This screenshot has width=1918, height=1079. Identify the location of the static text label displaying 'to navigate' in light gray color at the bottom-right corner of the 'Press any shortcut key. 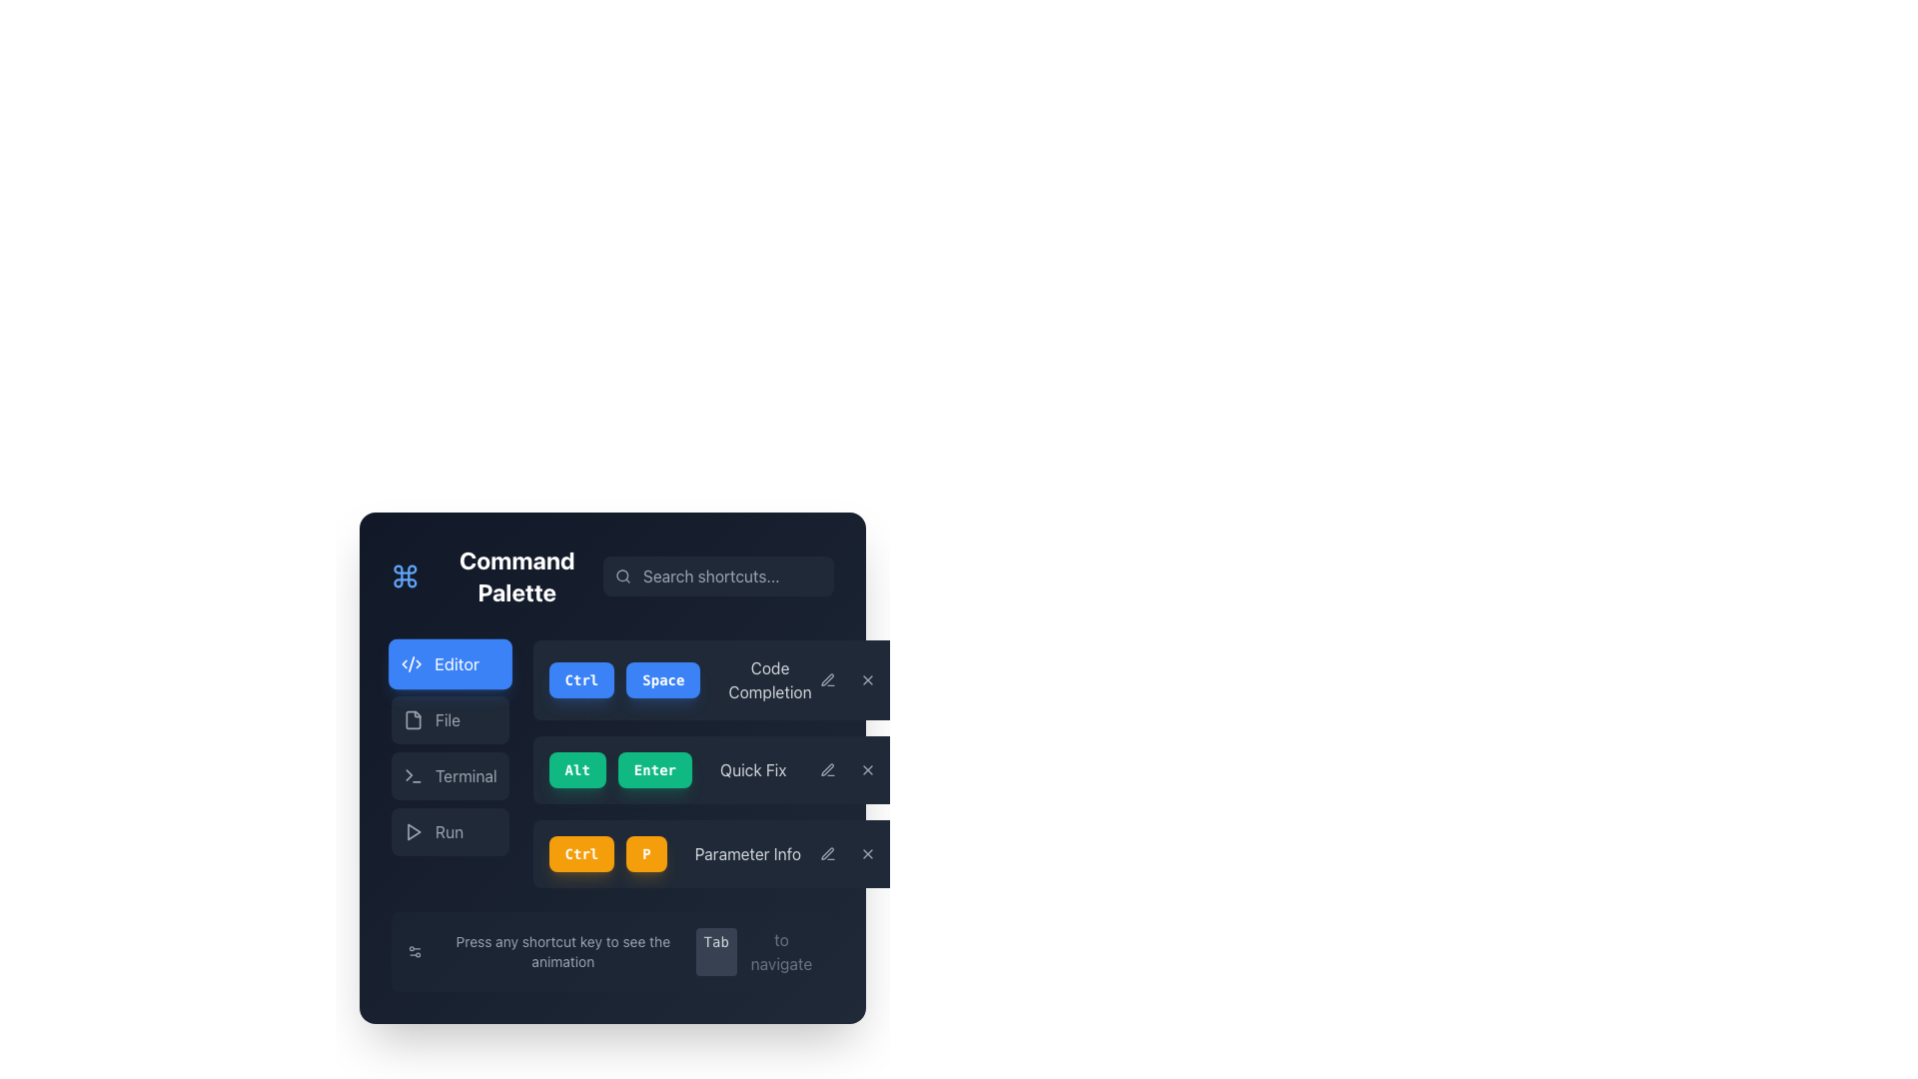
(780, 950).